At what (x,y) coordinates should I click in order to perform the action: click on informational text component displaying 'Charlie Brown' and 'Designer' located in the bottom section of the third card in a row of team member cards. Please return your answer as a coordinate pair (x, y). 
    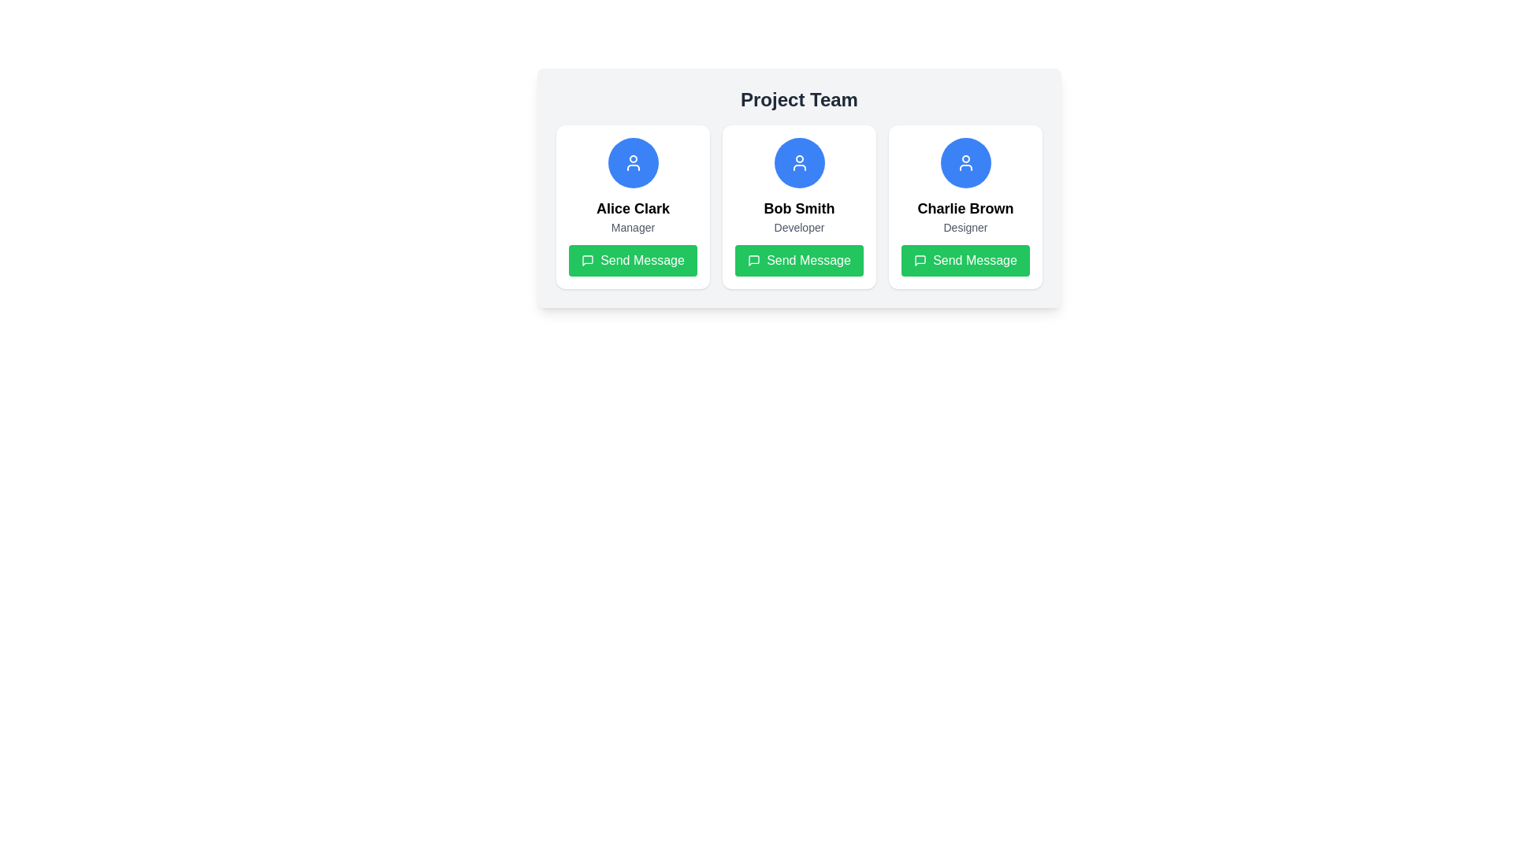
    Looking at the image, I should click on (965, 216).